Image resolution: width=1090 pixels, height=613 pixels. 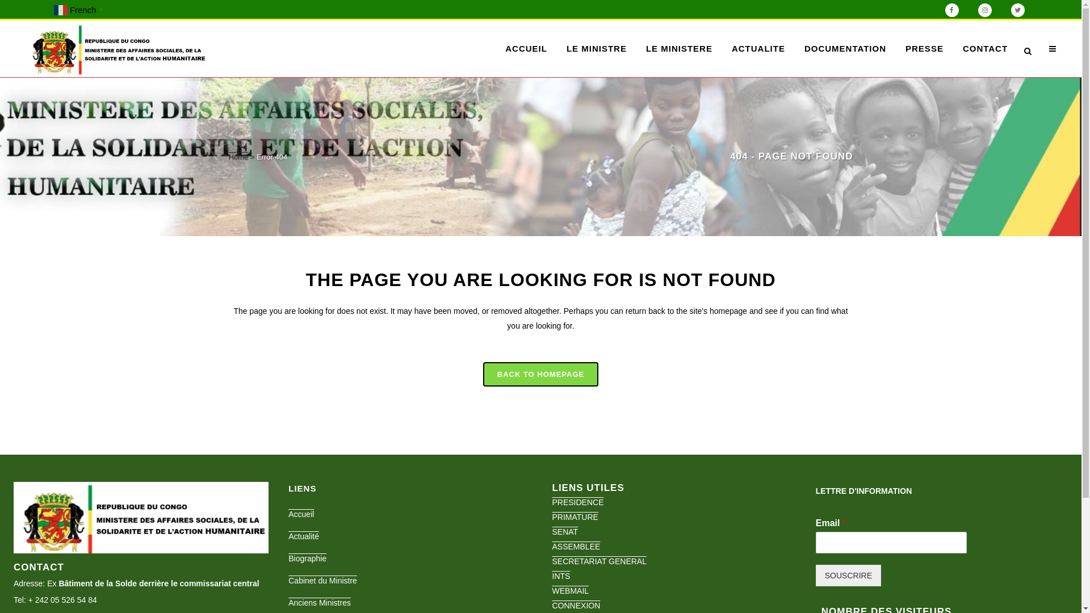 I want to click on 'CONTACT', so click(x=984, y=48).